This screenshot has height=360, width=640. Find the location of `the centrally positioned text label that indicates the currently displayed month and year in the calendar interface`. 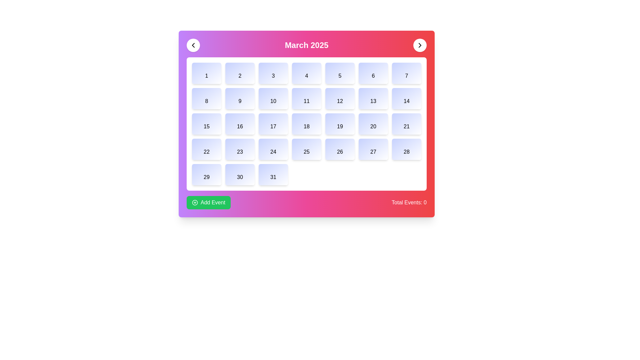

the centrally positioned text label that indicates the currently displayed month and year in the calendar interface is located at coordinates (306, 45).